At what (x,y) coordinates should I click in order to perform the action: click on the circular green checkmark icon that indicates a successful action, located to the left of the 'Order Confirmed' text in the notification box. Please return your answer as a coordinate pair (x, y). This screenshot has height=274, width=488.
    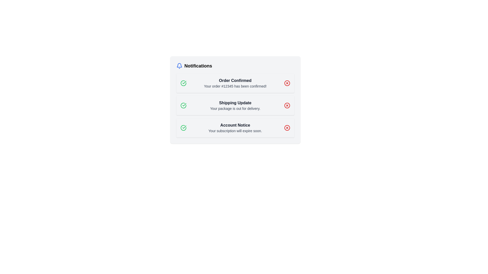
    Looking at the image, I should click on (183, 83).